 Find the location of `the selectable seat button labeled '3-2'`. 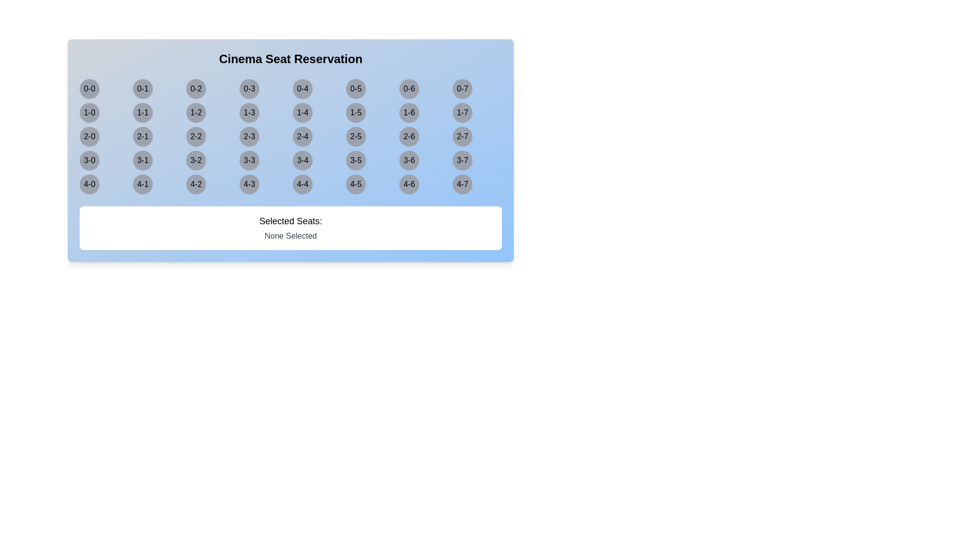

the selectable seat button labeled '3-2' is located at coordinates (196, 160).